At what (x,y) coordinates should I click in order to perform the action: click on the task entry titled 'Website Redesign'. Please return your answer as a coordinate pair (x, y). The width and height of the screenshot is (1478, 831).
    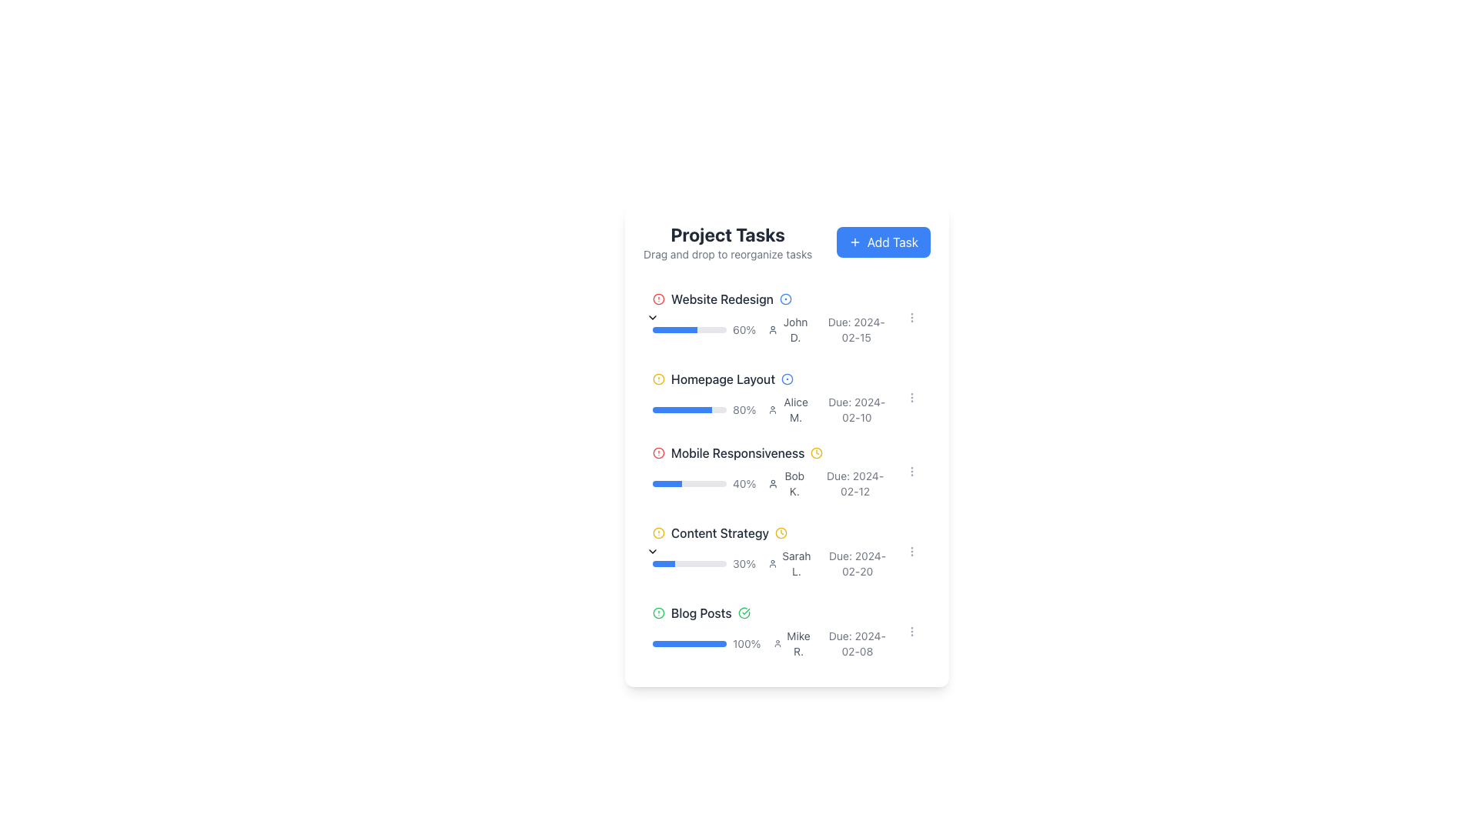
    Looking at the image, I should click on (771, 316).